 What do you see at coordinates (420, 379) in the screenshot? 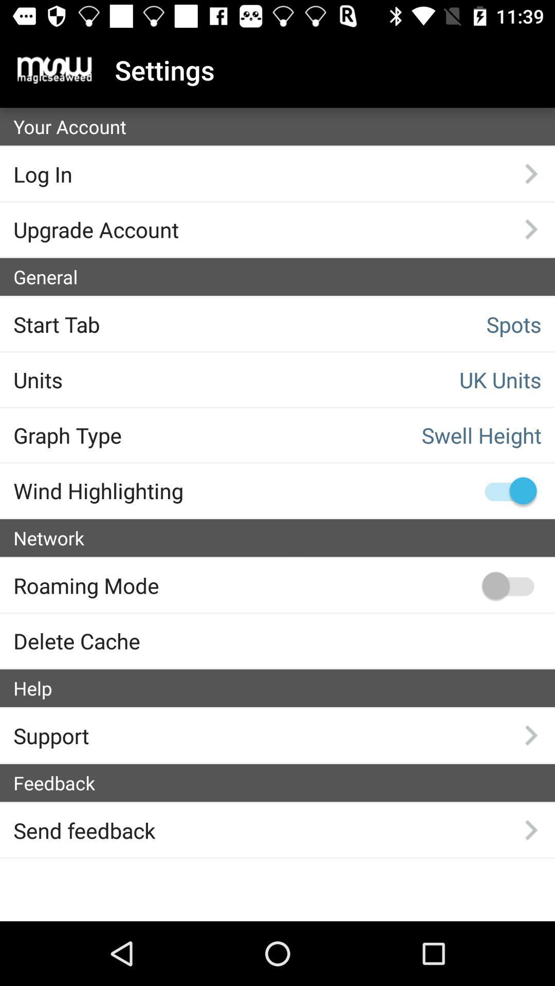
I see `the text below spots` at bounding box center [420, 379].